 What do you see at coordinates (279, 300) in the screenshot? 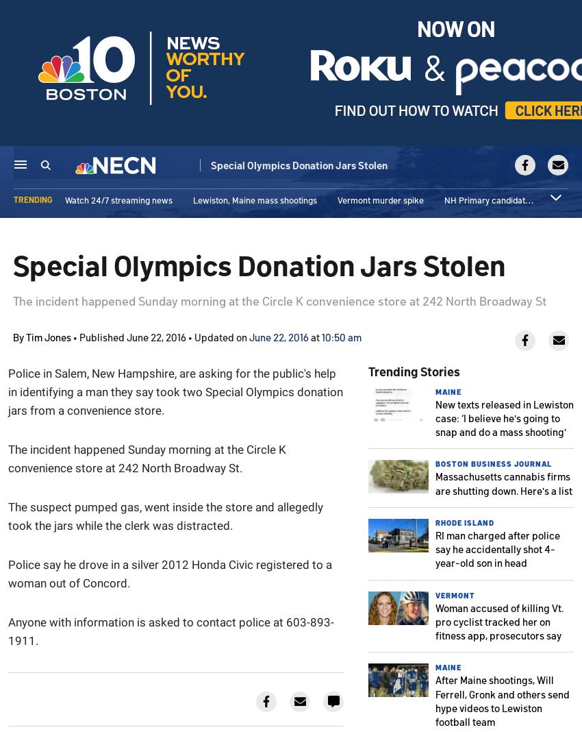
I see `'The incident happened Sunday morning at the Circle K convenience store at 242 North Broadway St'` at bounding box center [279, 300].